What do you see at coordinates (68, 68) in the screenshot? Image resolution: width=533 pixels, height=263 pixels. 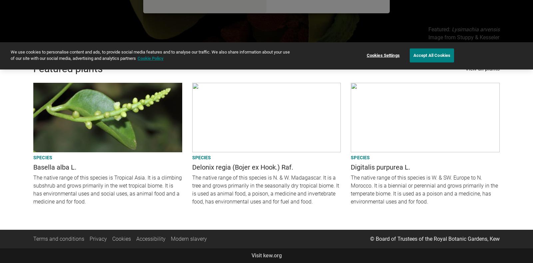 I see `'Featured plants'` at bounding box center [68, 68].